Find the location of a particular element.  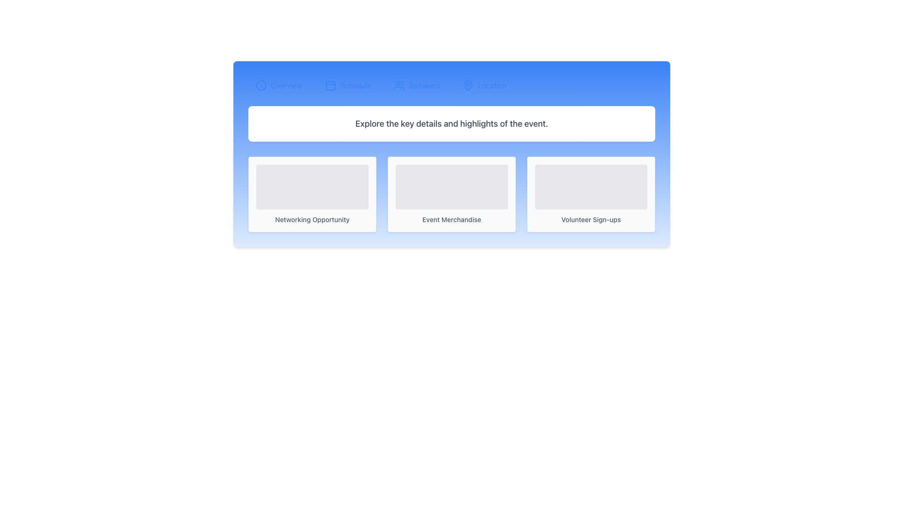

the card labeled 'Event Merchandise', which is the second card in a row of three, positioned between 'Networking Opportunity' and 'Volunteer Sign-ups' is located at coordinates (451, 194).